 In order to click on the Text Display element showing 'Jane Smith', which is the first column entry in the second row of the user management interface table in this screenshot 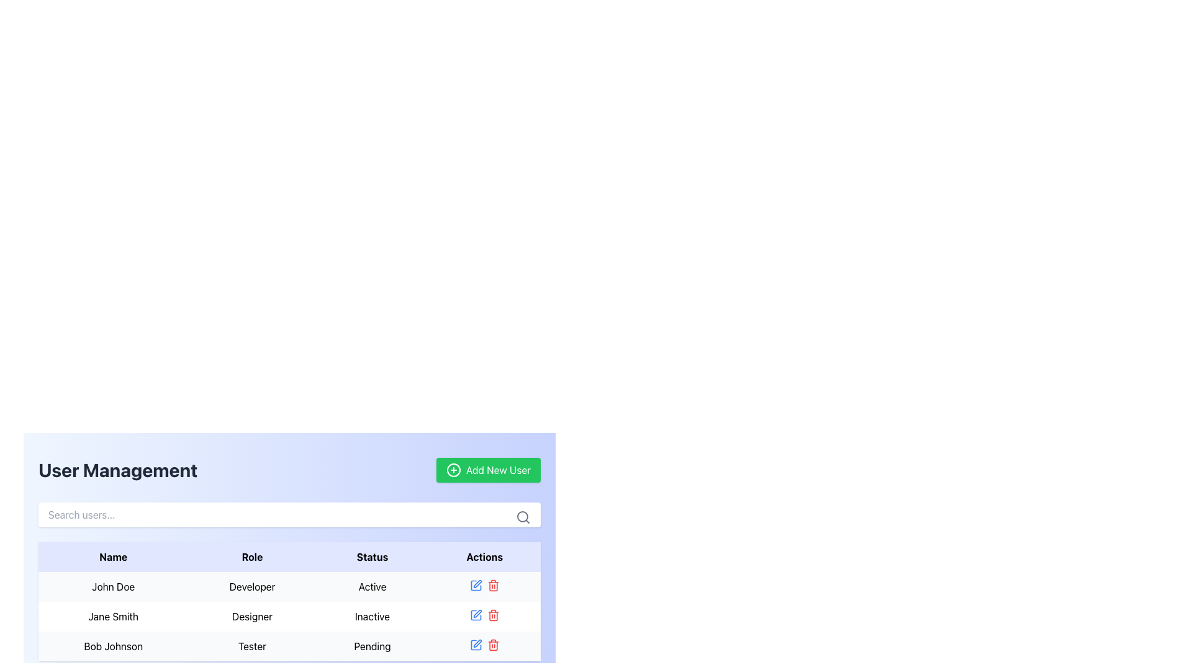, I will do `click(113, 617)`.